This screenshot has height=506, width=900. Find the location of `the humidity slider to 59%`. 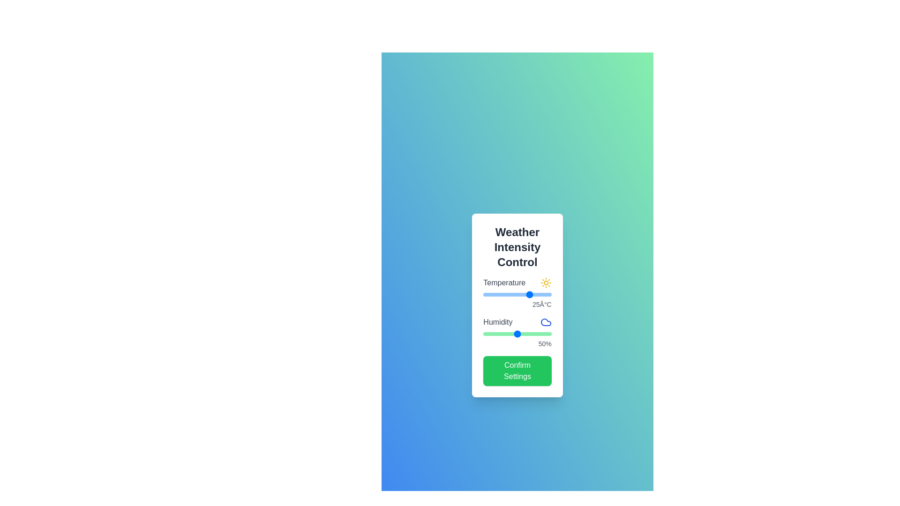

the humidity slider to 59% is located at coordinates (523, 334).